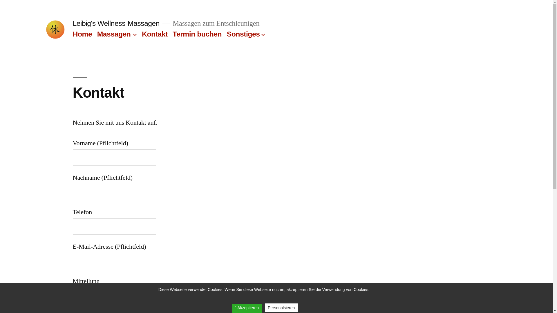  I want to click on 'Kontakt', so click(155, 34).